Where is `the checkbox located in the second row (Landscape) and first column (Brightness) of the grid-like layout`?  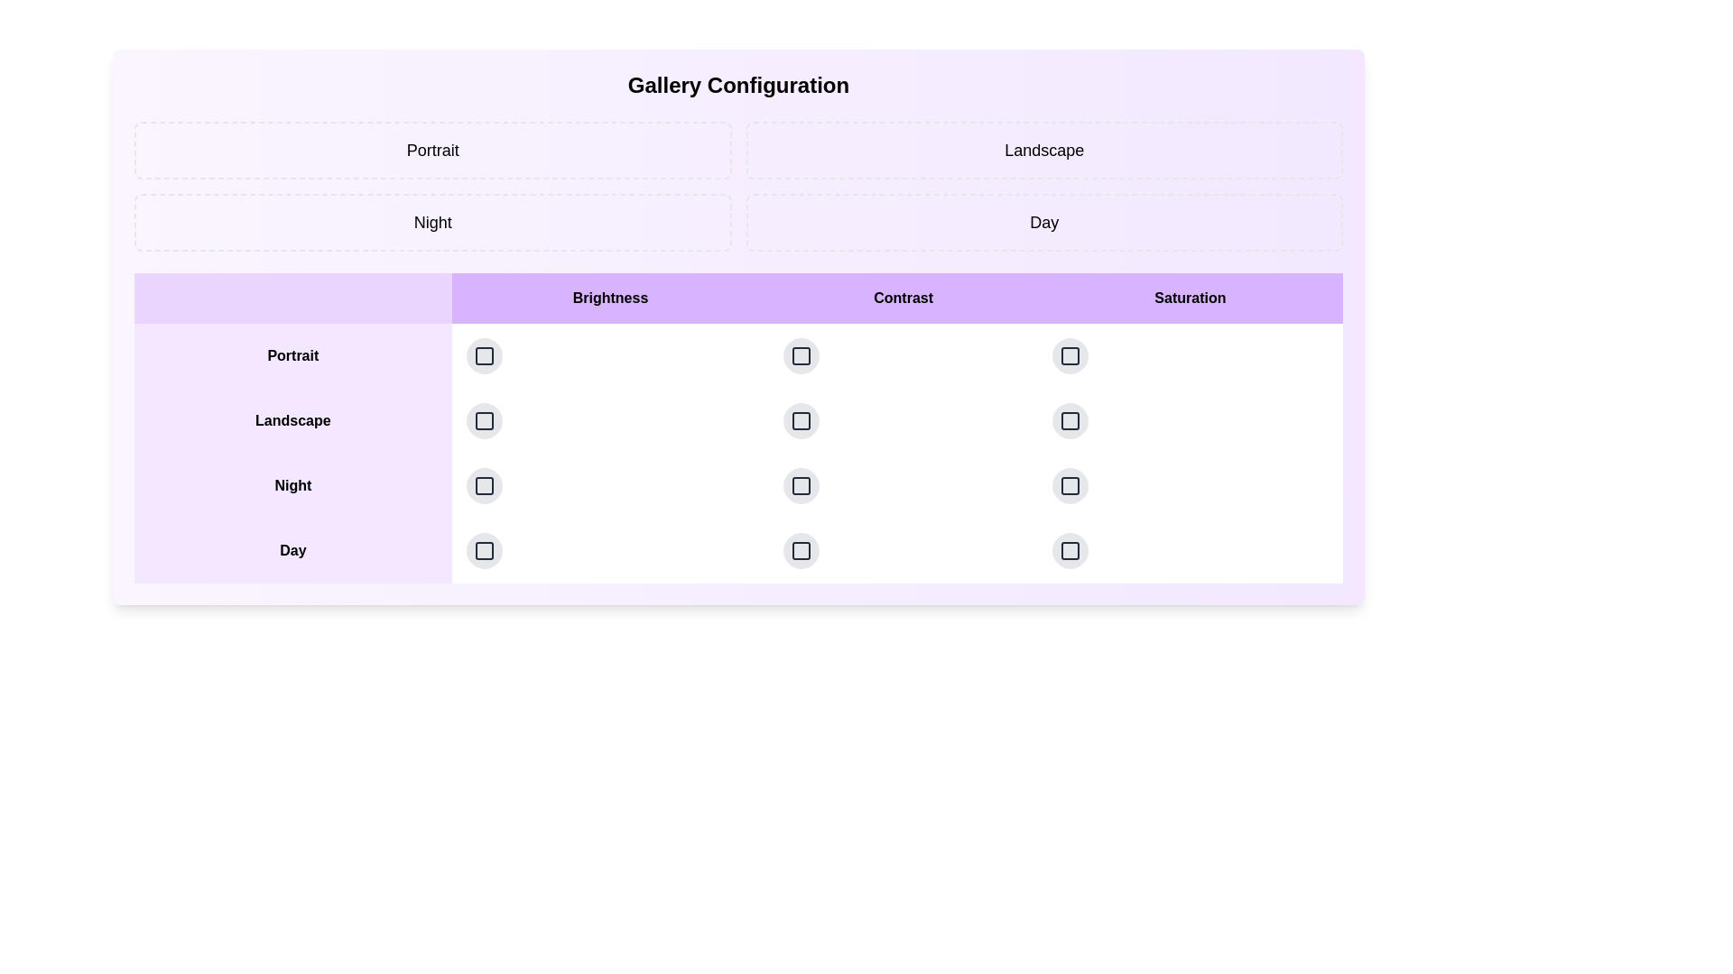
the checkbox located in the second row (Landscape) and first column (Brightness) of the grid-like layout is located at coordinates (484, 420).